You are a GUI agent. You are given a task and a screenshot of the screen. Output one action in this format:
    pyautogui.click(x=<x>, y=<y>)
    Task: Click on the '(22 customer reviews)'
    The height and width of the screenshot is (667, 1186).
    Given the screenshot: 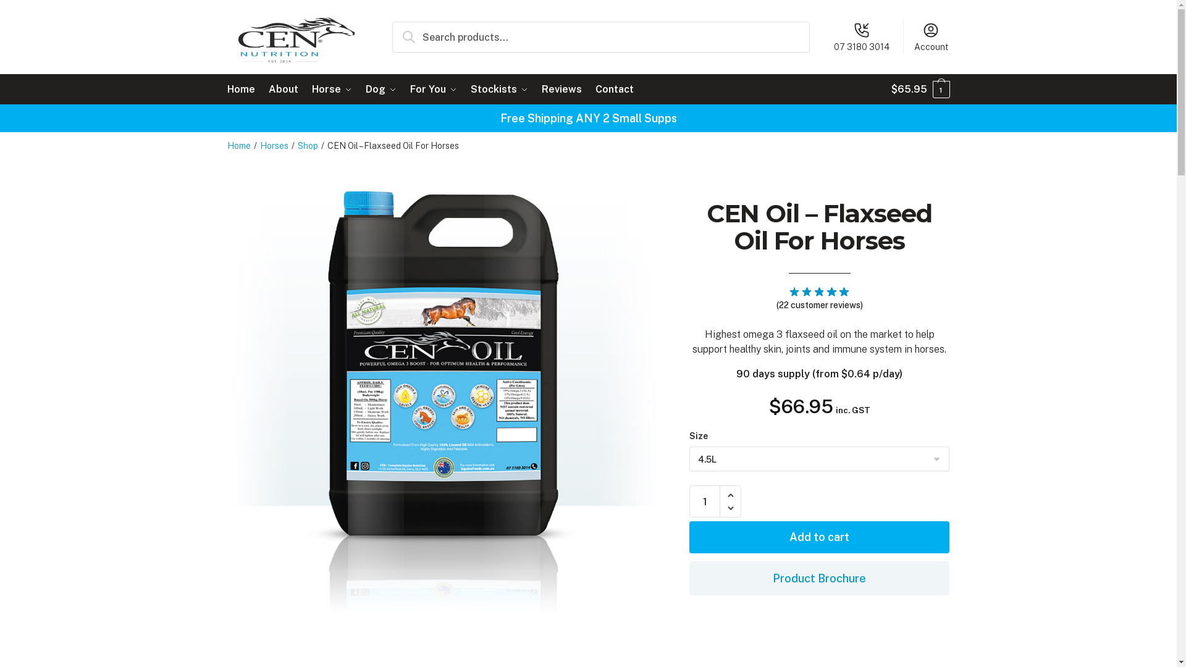 What is the action you would take?
    pyautogui.click(x=819, y=304)
    